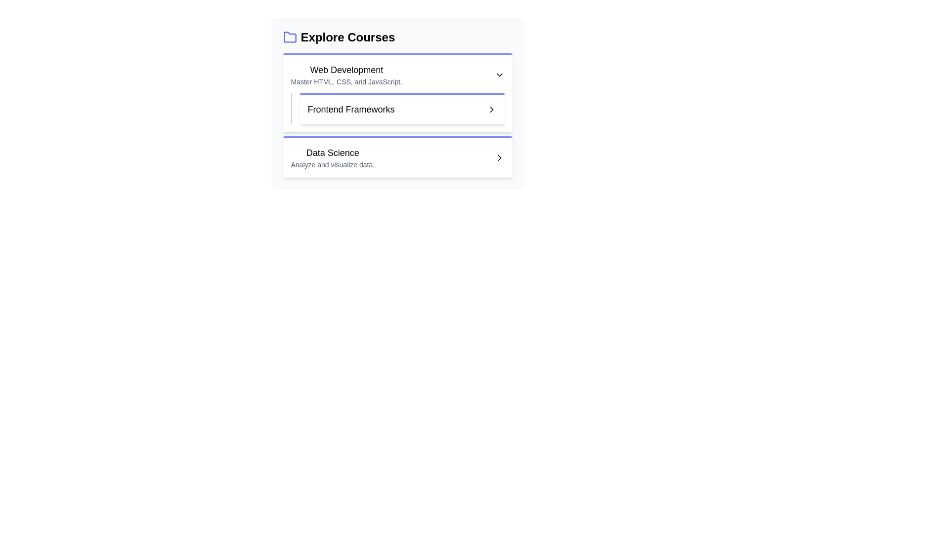 The image size is (949, 533). What do you see at coordinates (346, 74) in the screenshot?
I see `the first course entry in the 'Explore Courses' section` at bounding box center [346, 74].